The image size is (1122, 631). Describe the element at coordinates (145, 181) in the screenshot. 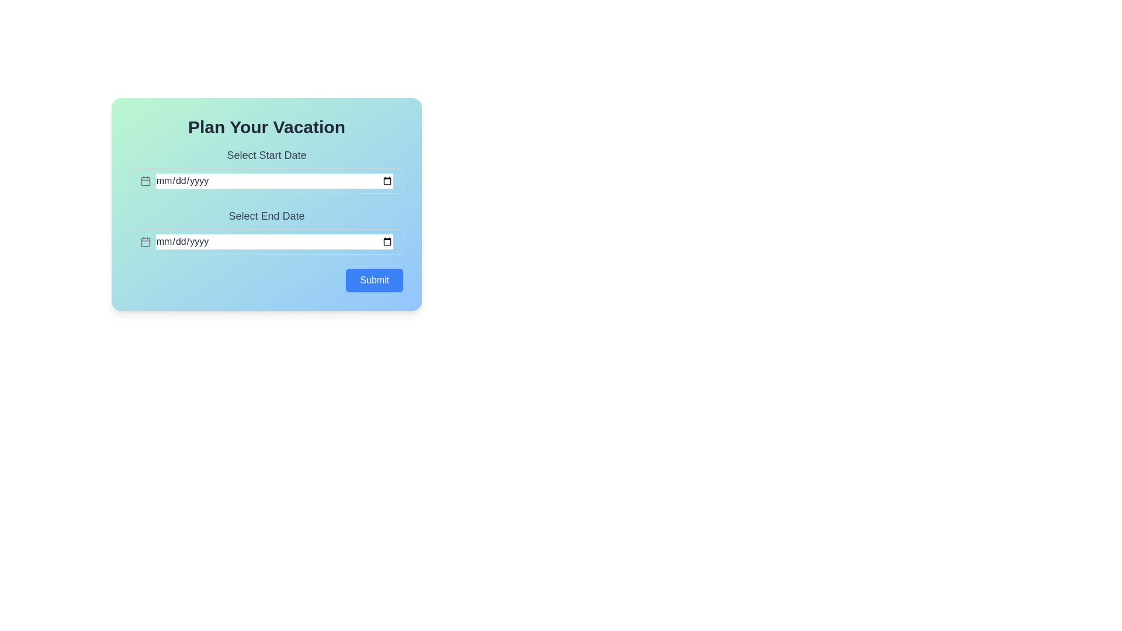

I see `the inner rounded rectangle of the first calendar icon, which is located before the 'Select Start Date' text input field` at that location.